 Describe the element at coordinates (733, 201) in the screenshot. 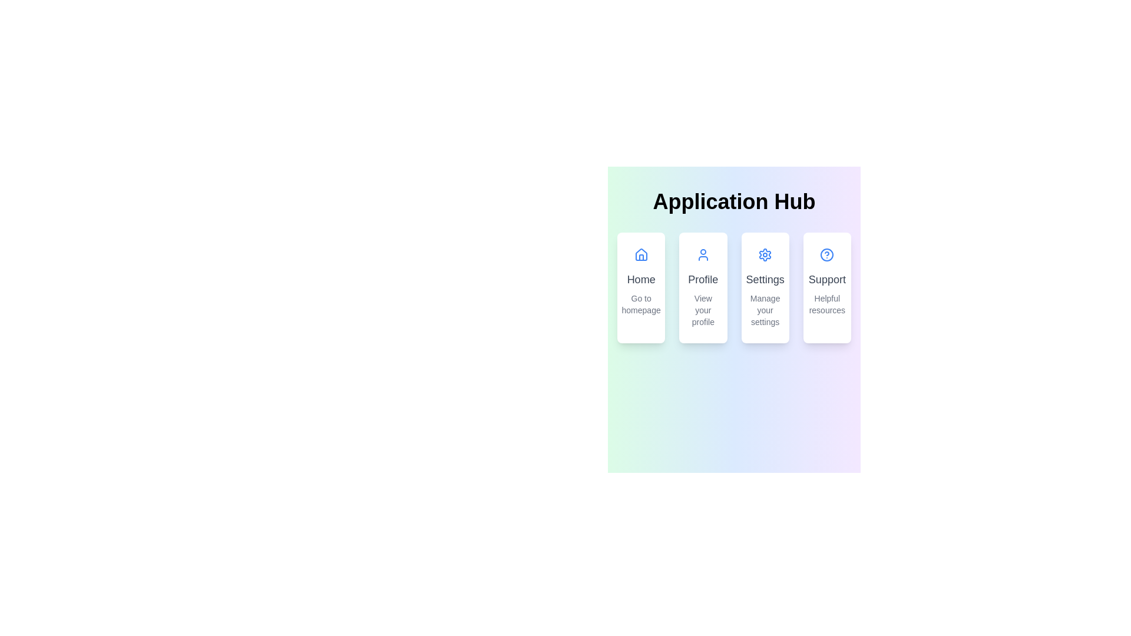

I see `the 'Application Hub' text header element, which features large, bold typography and a gradient text effect, located centrally at the top of the interface just above the navigation options` at that location.